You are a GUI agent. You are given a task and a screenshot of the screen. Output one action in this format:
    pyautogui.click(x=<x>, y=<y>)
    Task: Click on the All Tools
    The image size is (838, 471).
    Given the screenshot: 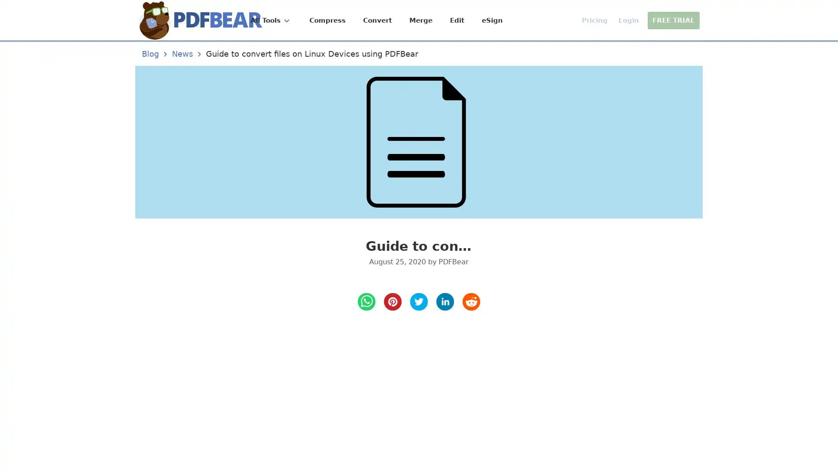 What is the action you would take?
    pyautogui.click(x=269, y=20)
    